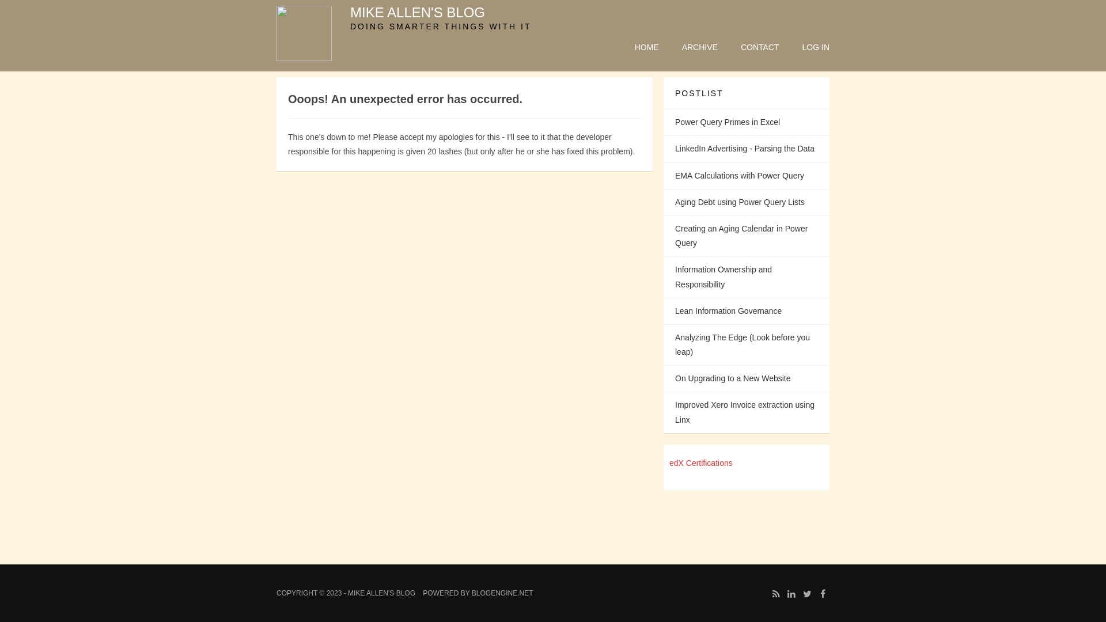  I want to click on 'LOG IN', so click(815, 46).